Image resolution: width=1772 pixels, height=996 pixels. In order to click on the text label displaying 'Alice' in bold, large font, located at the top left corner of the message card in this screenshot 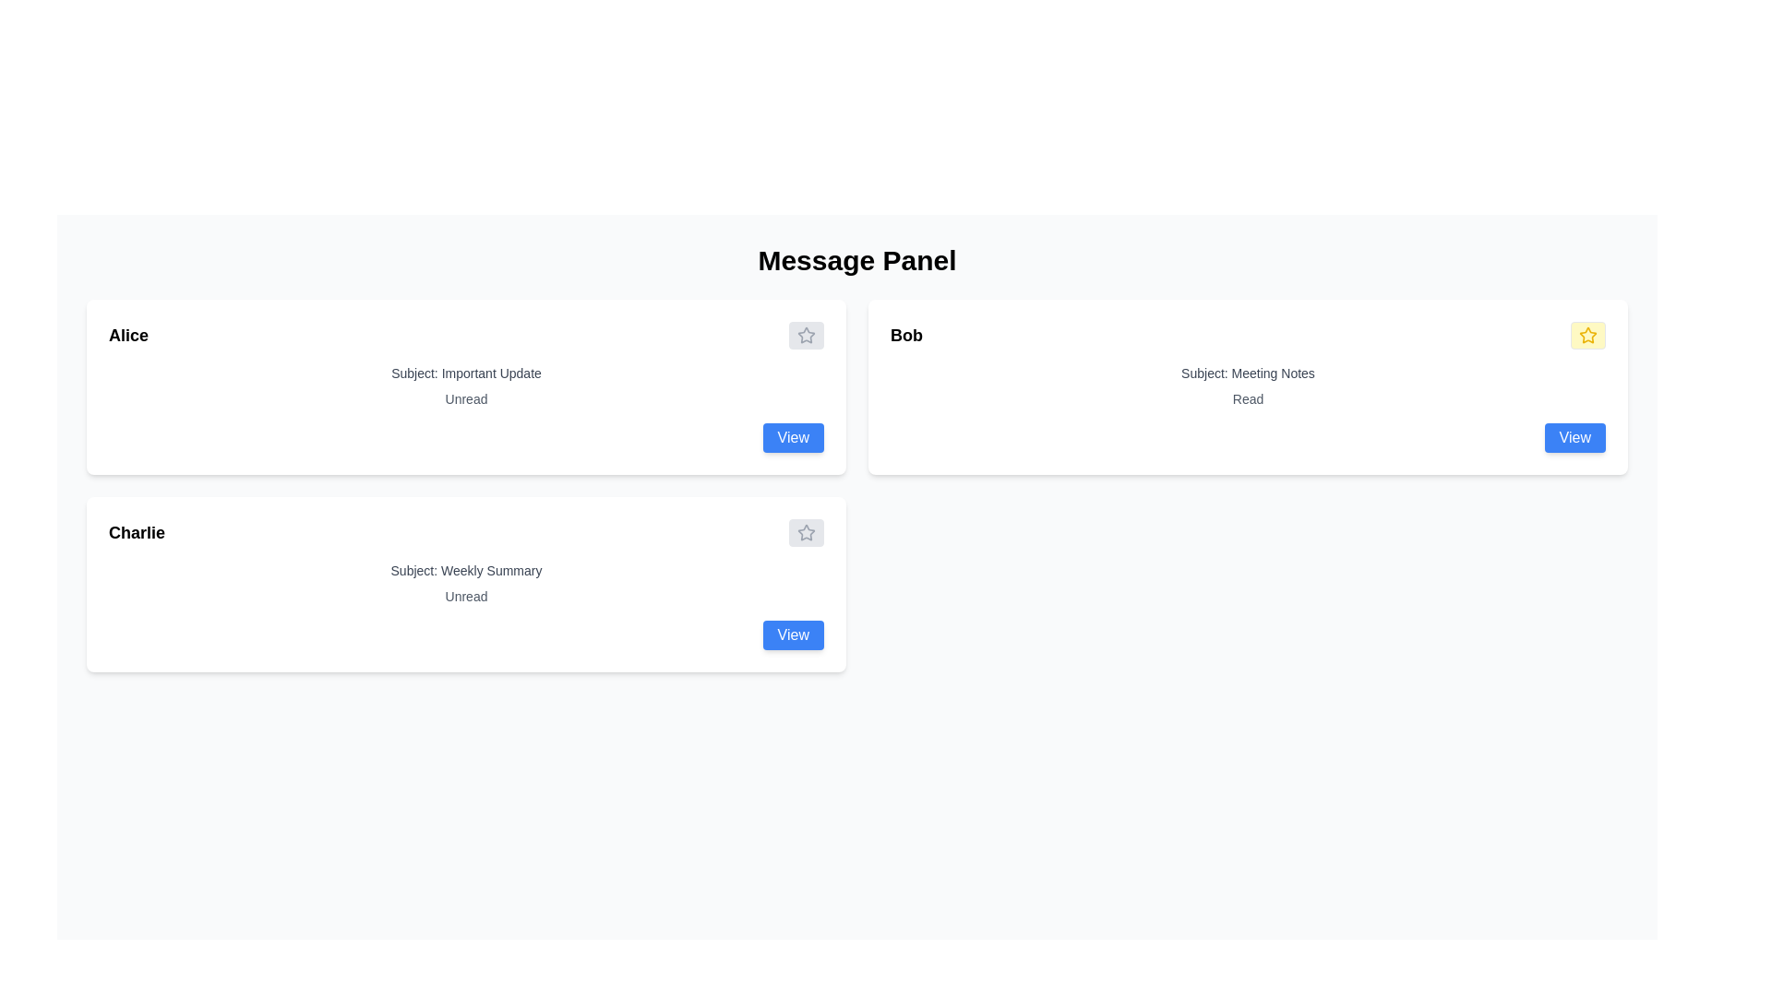, I will do `click(127, 335)`.